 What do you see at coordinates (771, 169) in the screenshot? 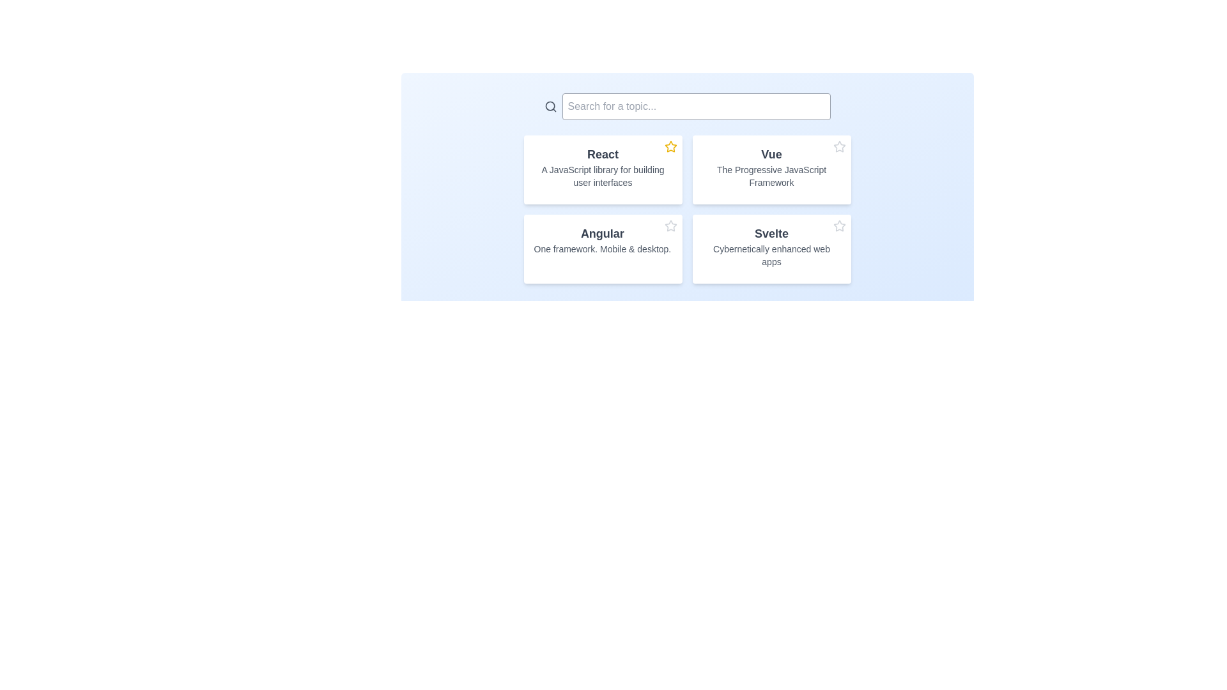
I see `the informative card titled 'Vue', which is the second card in a 2x2 grid layout, to change its background color` at bounding box center [771, 169].